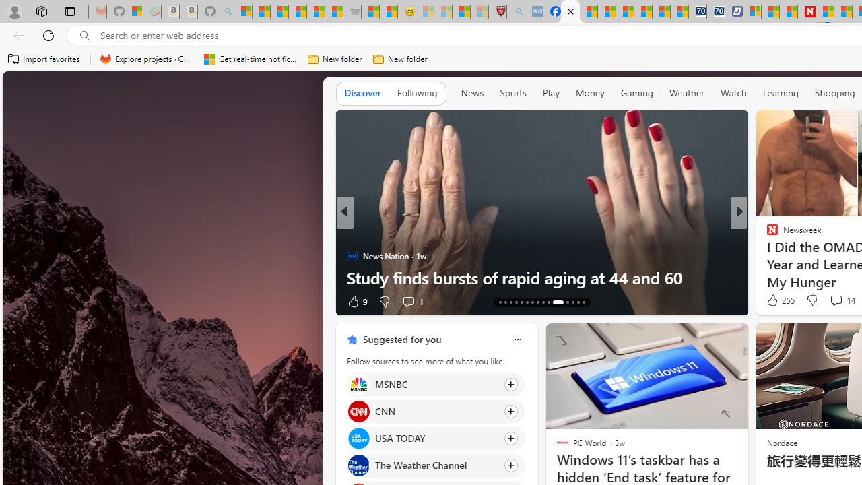  I want to click on 'The Weather Channel', so click(358, 465).